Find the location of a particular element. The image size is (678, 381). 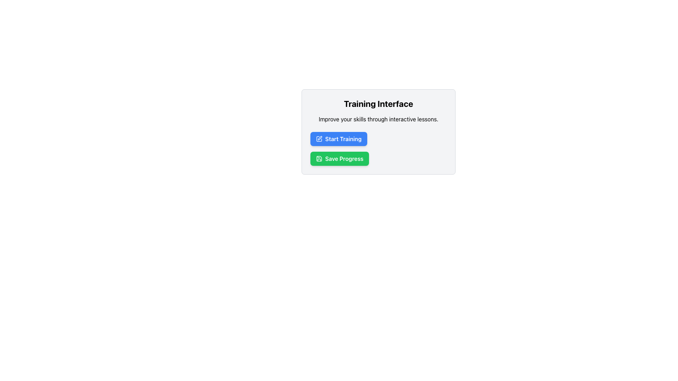

the 'Save Progress' button located at the bottom-right of the training interface, which is the second button below the 'Start Training' blue button is located at coordinates (339, 159).